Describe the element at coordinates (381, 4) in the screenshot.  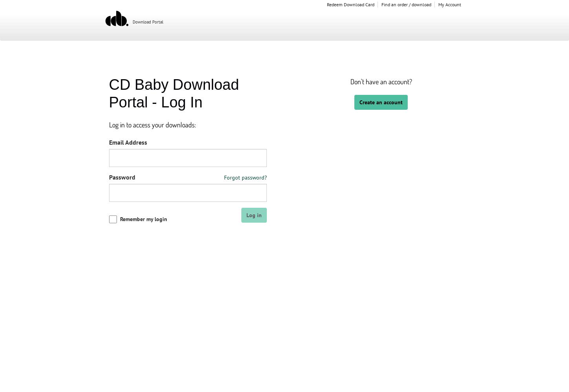
I see `'Find an order / download'` at that location.